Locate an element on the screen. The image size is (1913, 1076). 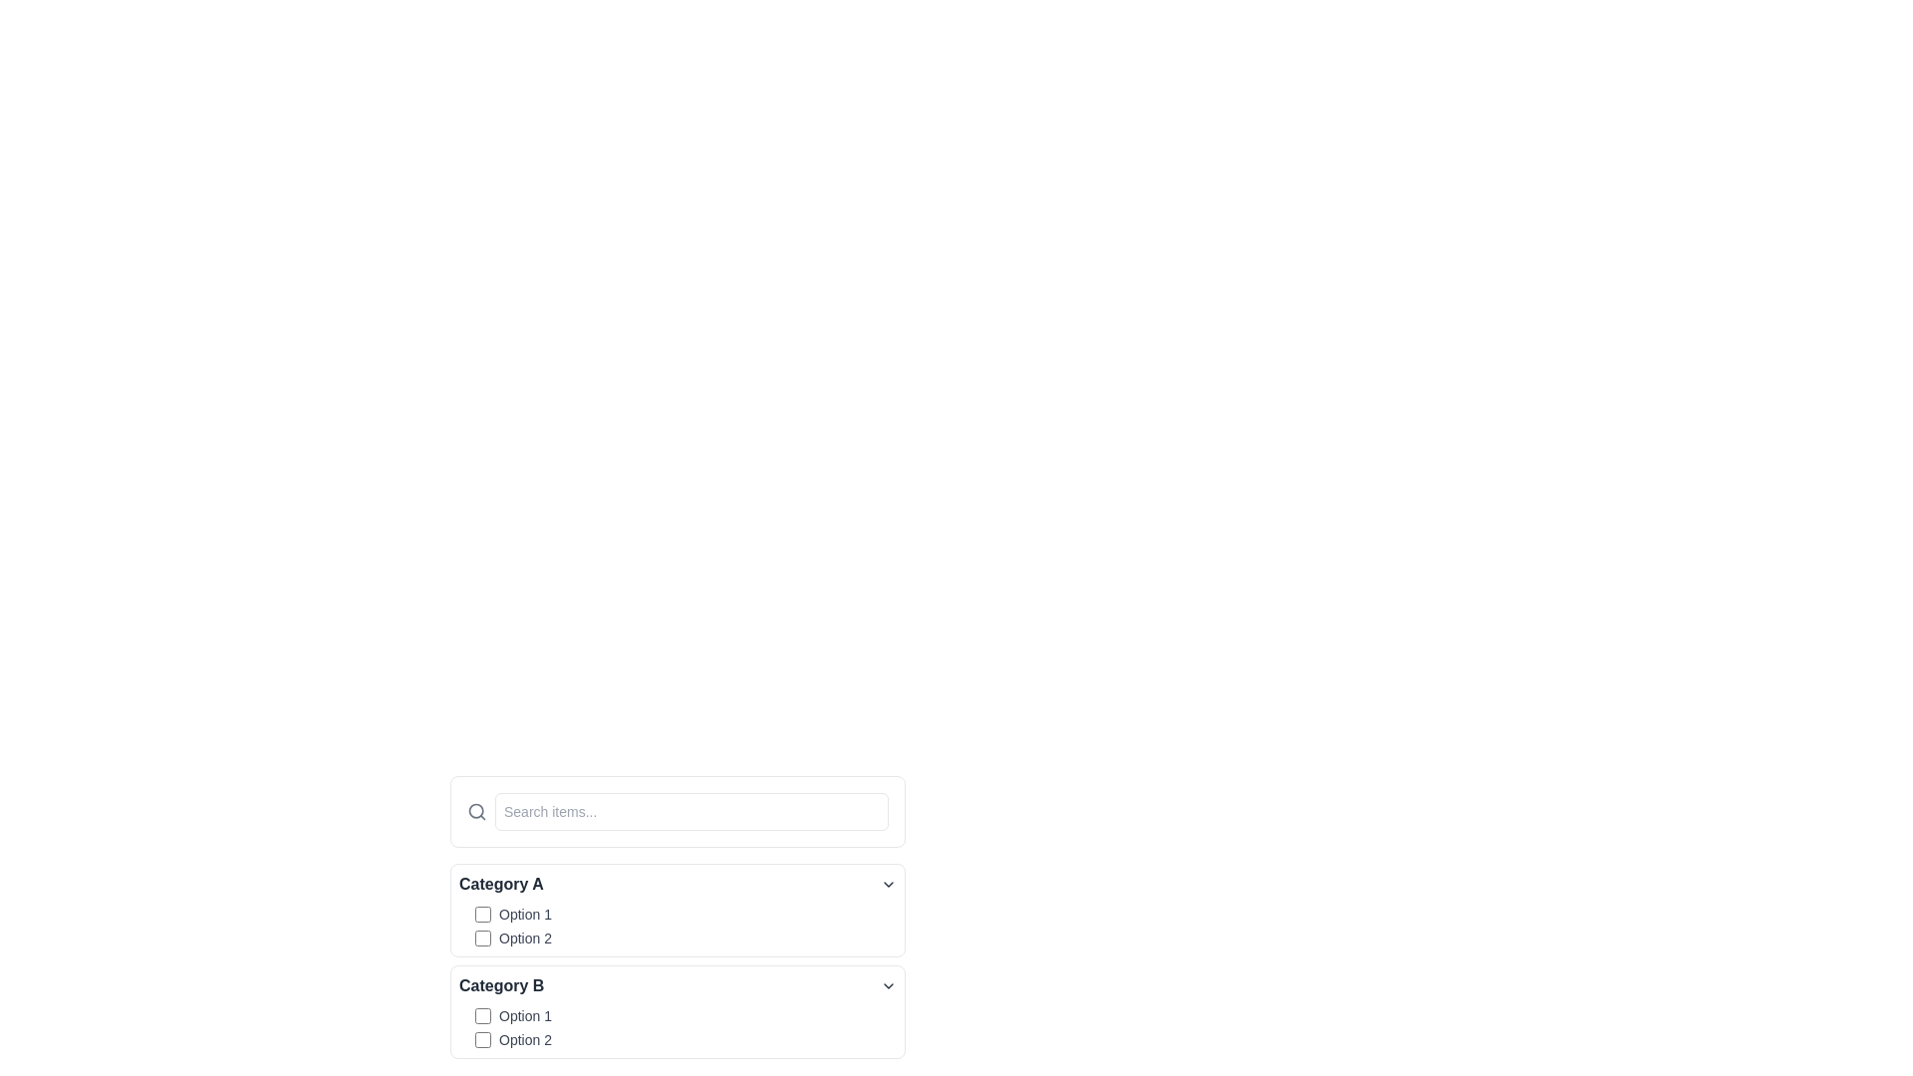
the indigo checkbox located next to the text 'Option 2' in 'Category B' for visual feedback is located at coordinates (482, 1039).